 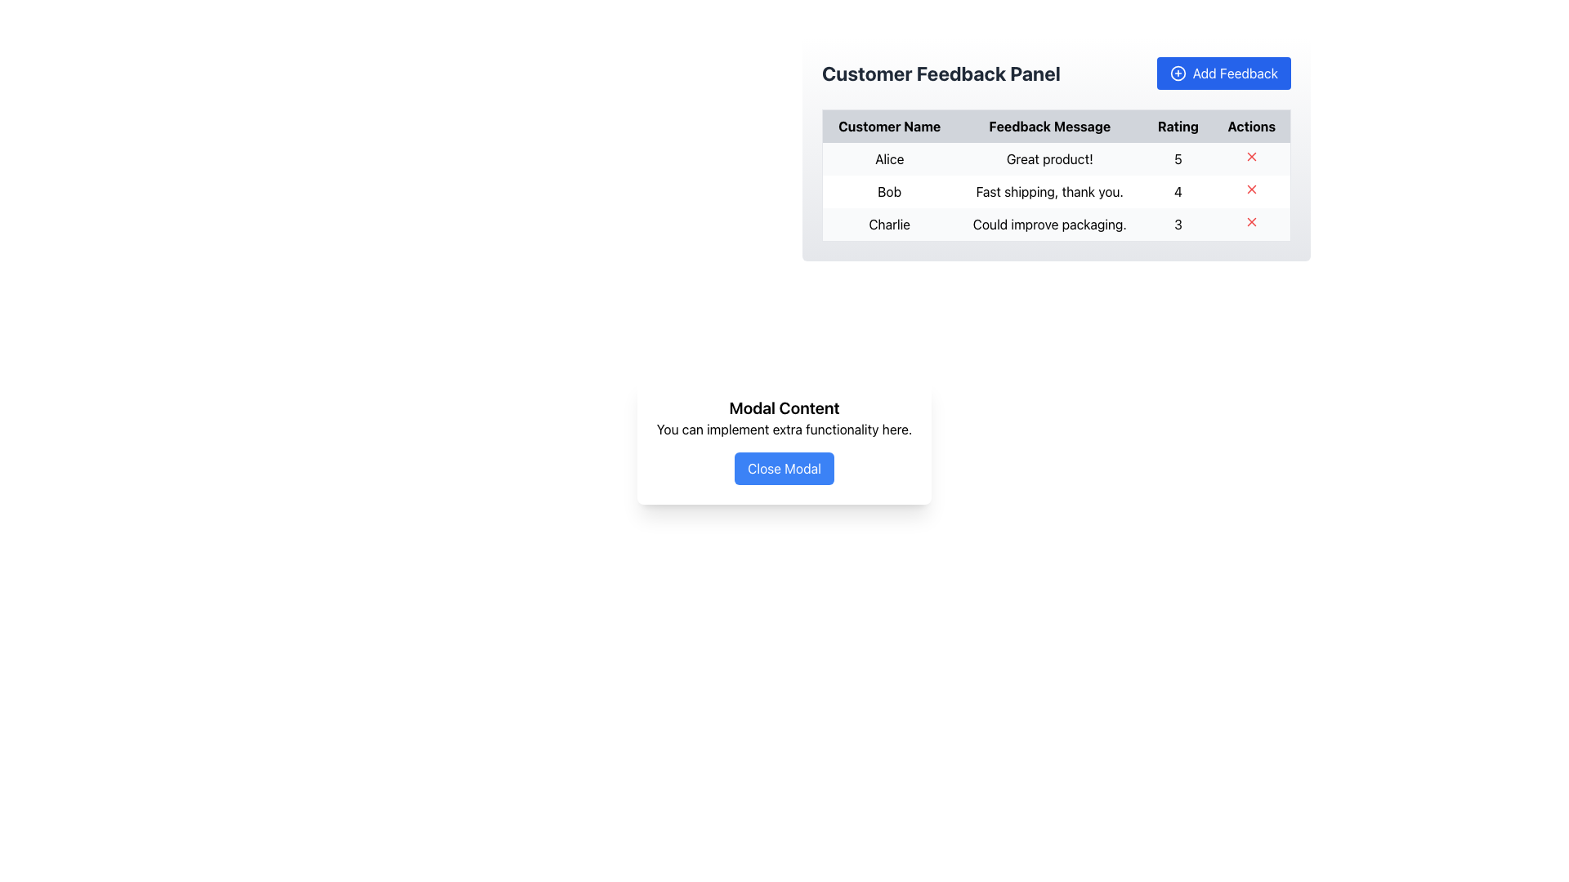 What do you see at coordinates (1250, 188) in the screenshot?
I see `the red cross ('X') button in the 'Actions' column` at bounding box center [1250, 188].